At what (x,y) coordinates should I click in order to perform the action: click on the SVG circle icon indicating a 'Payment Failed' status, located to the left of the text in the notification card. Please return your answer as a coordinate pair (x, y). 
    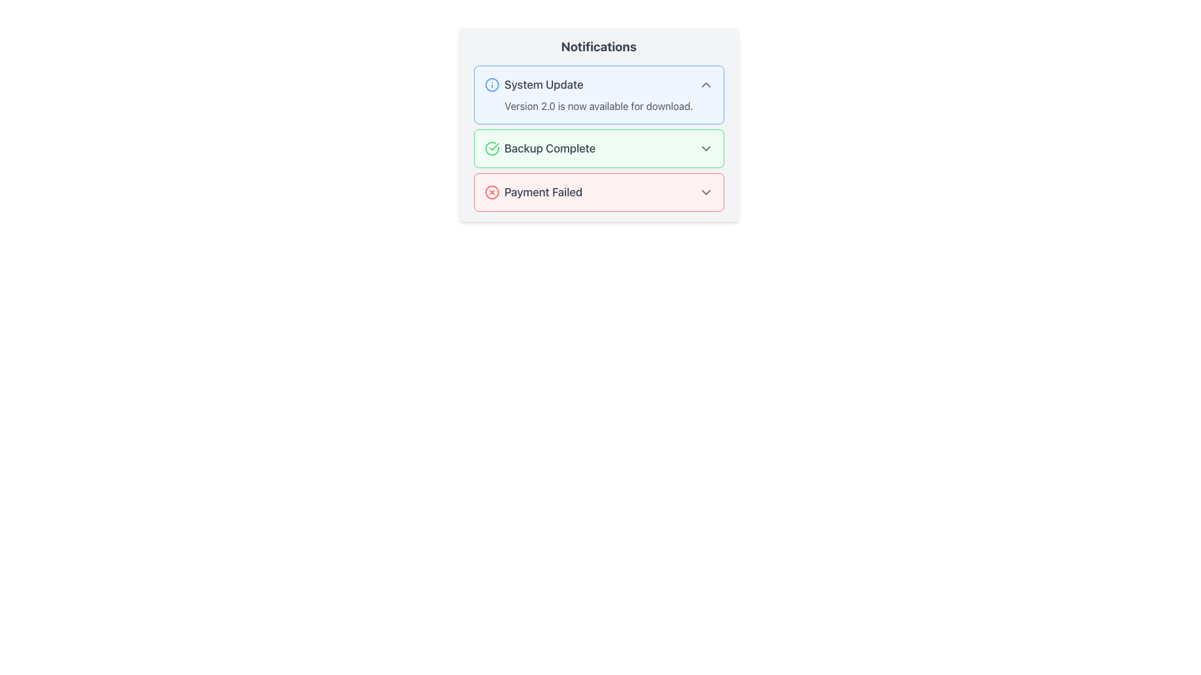
    Looking at the image, I should click on (491, 192).